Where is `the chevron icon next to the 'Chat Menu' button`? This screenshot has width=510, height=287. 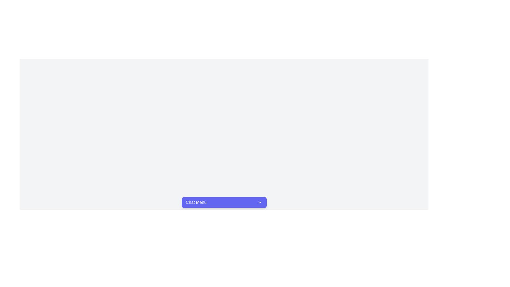 the chevron icon next to the 'Chat Menu' button is located at coordinates (260, 202).